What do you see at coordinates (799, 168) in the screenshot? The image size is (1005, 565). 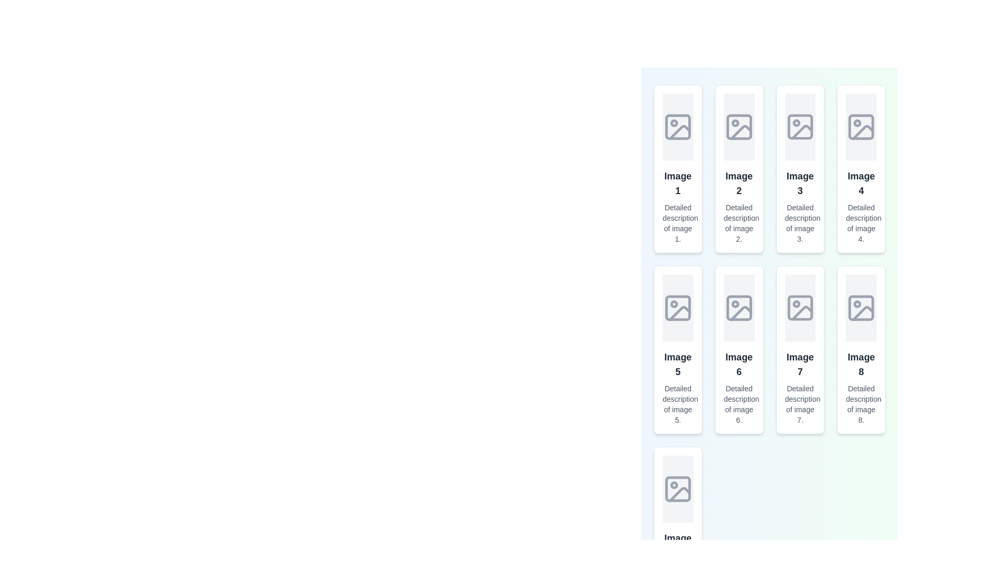 I see `the Card with text and placeholder image located in the first row, third column of the grid layout, positioned between 'Image 2' and 'Image 4'` at bounding box center [799, 168].